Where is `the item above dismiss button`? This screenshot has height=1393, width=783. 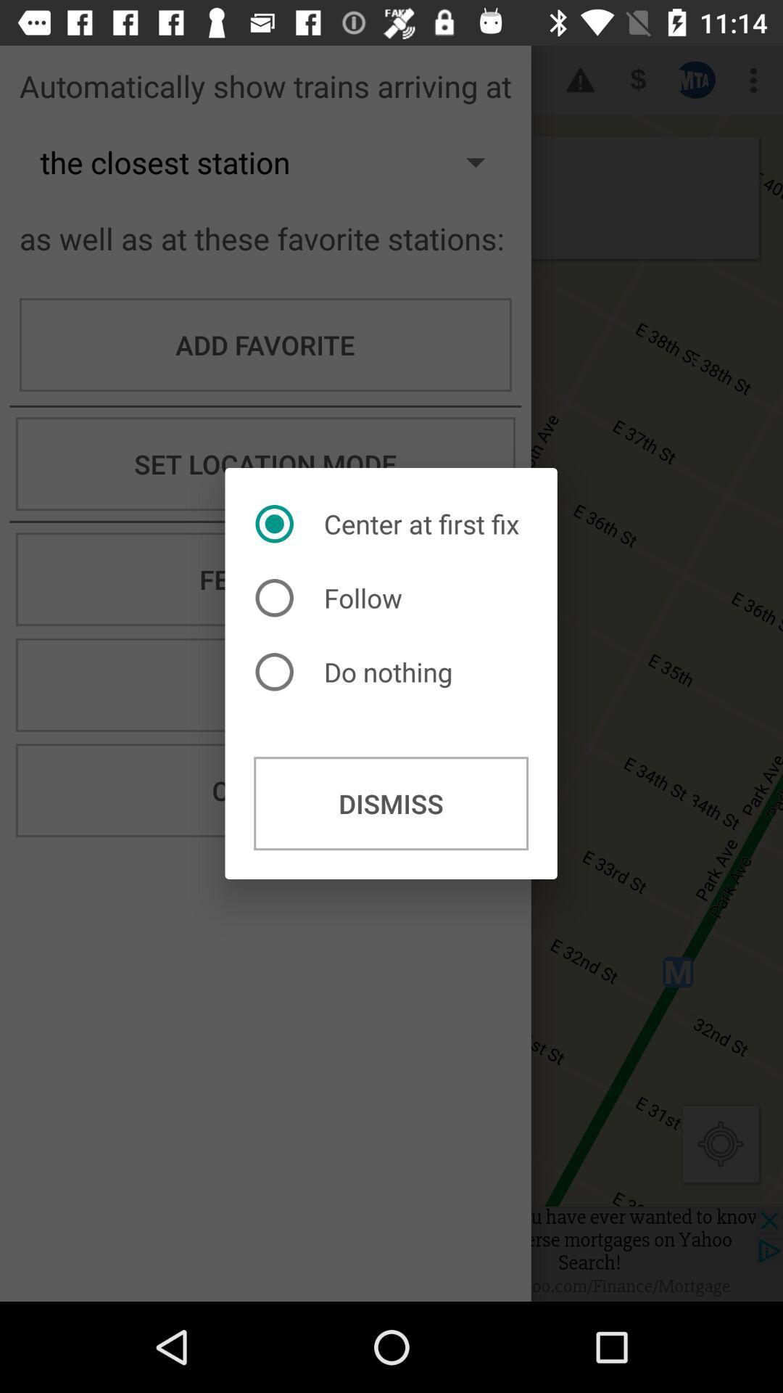
the item above dismiss button is located at coordinates (357, 671).